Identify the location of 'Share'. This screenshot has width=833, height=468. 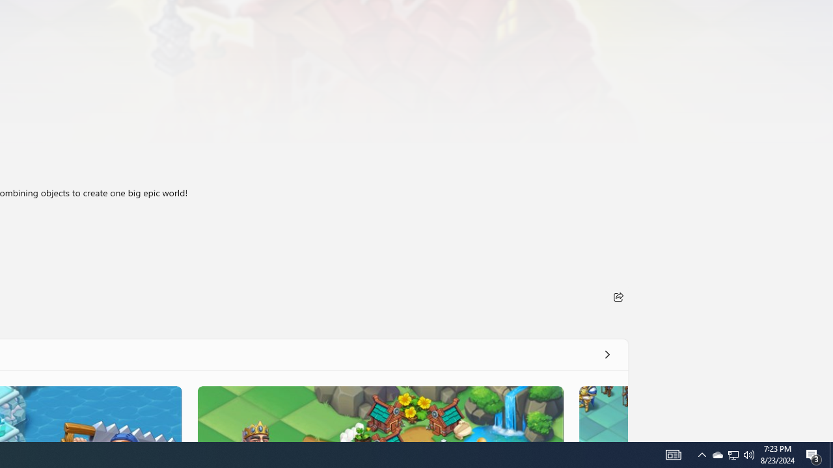
(618, 296).